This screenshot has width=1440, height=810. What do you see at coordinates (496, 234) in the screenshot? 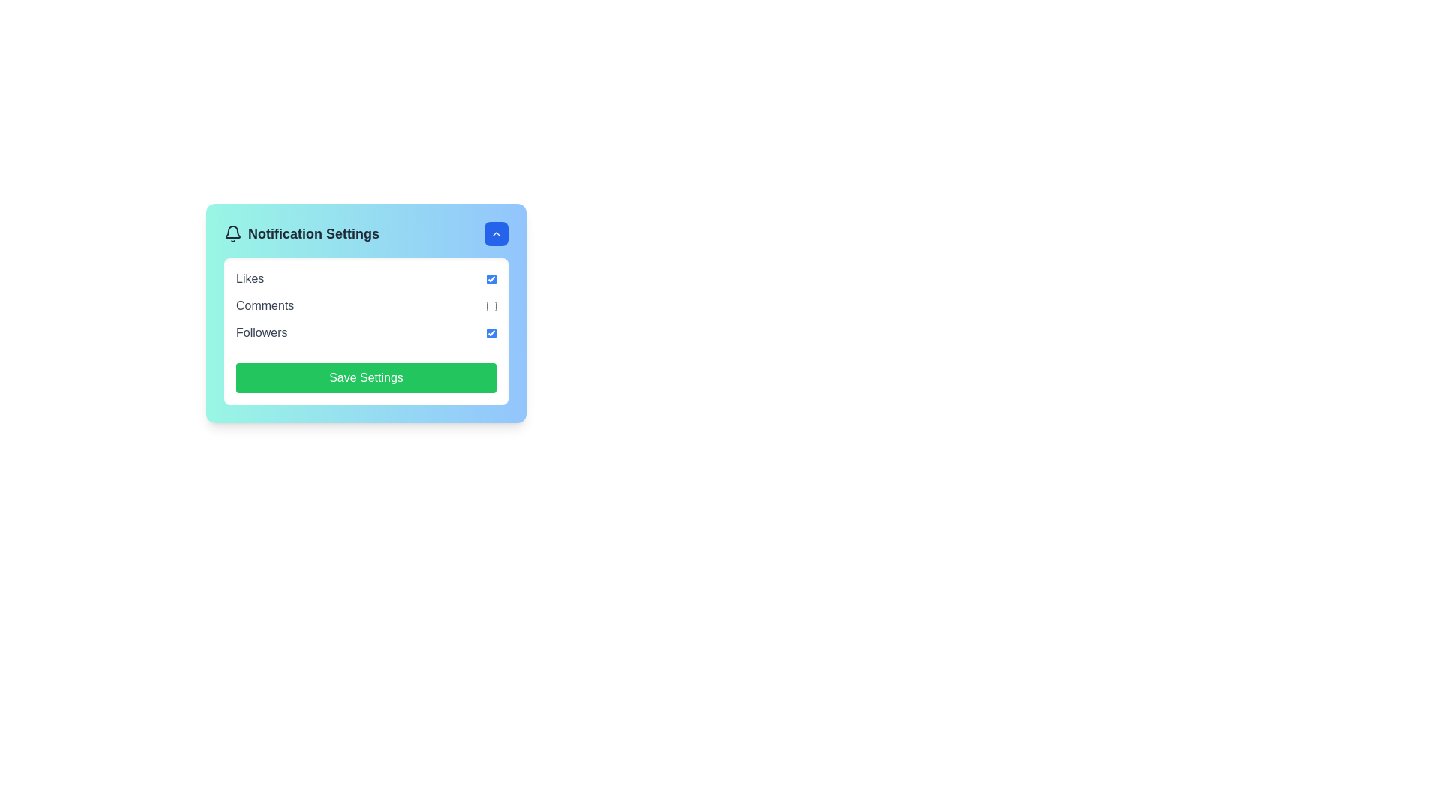
I see `the chevron icon located in the top-right corner of the settings panel` at bounding box center [496, 234].